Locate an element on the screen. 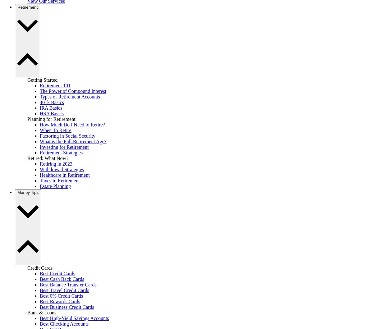  'Money Tips' is located at coordinates (28, 192).